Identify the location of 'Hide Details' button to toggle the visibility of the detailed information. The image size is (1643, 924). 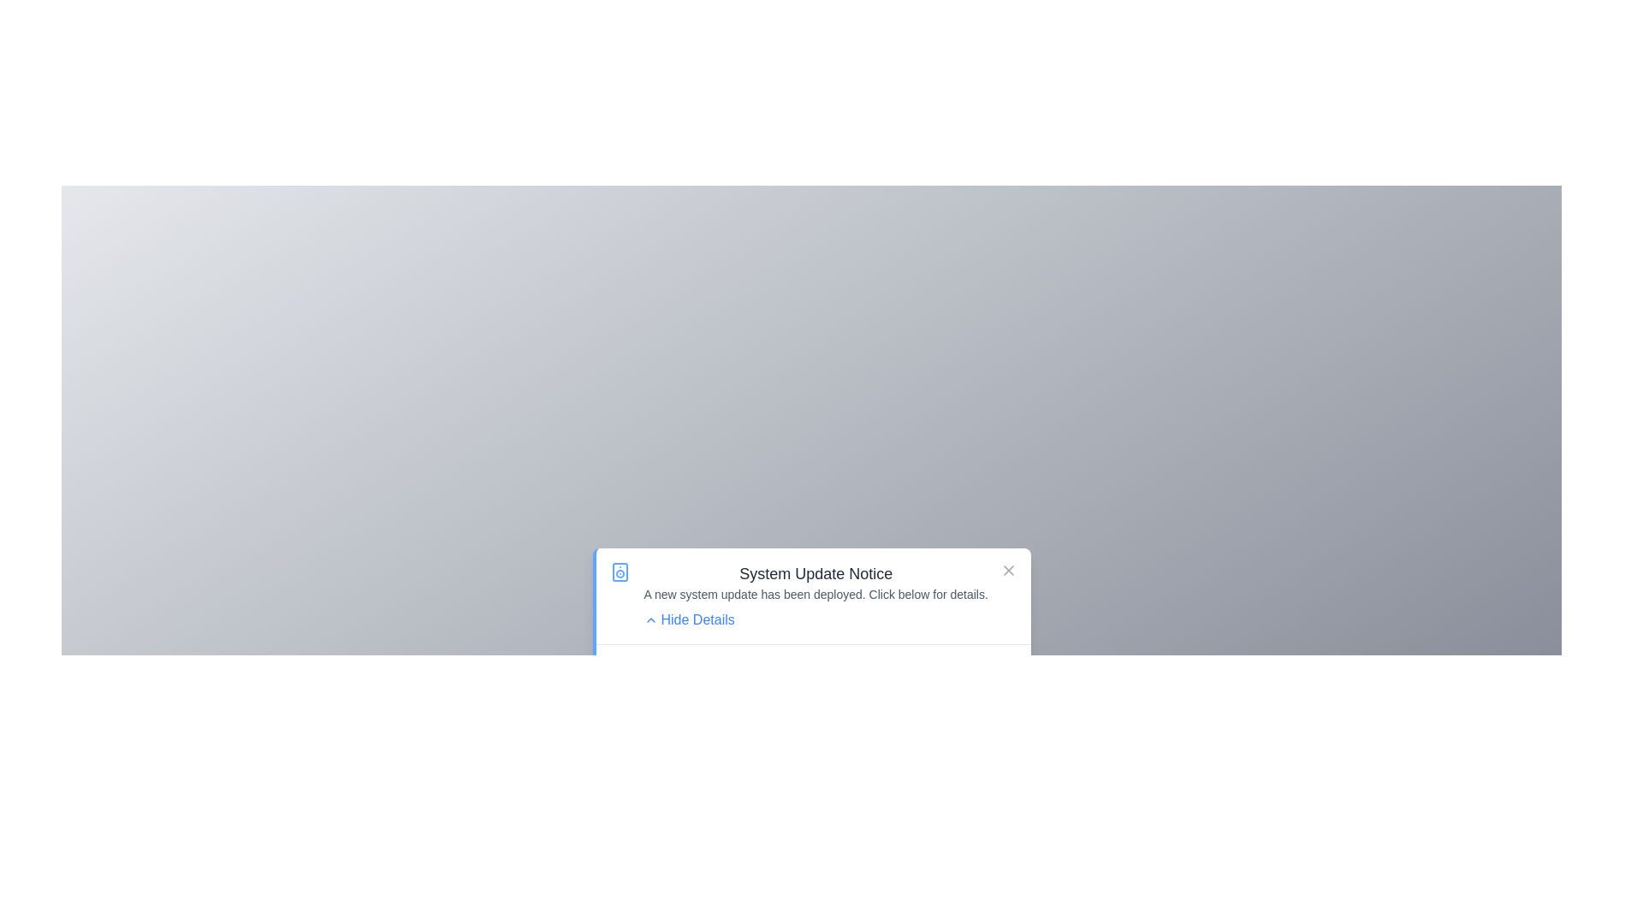
(689, 619).